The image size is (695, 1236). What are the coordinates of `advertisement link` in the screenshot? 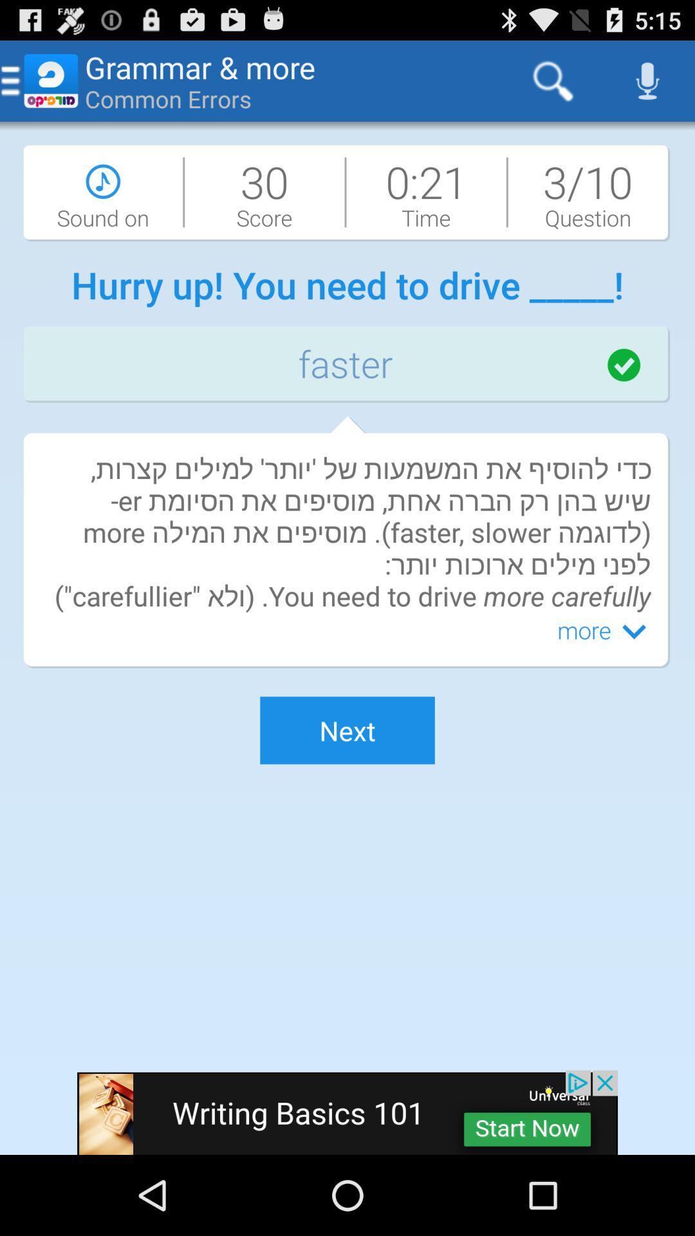 It's located at (347, 1112).